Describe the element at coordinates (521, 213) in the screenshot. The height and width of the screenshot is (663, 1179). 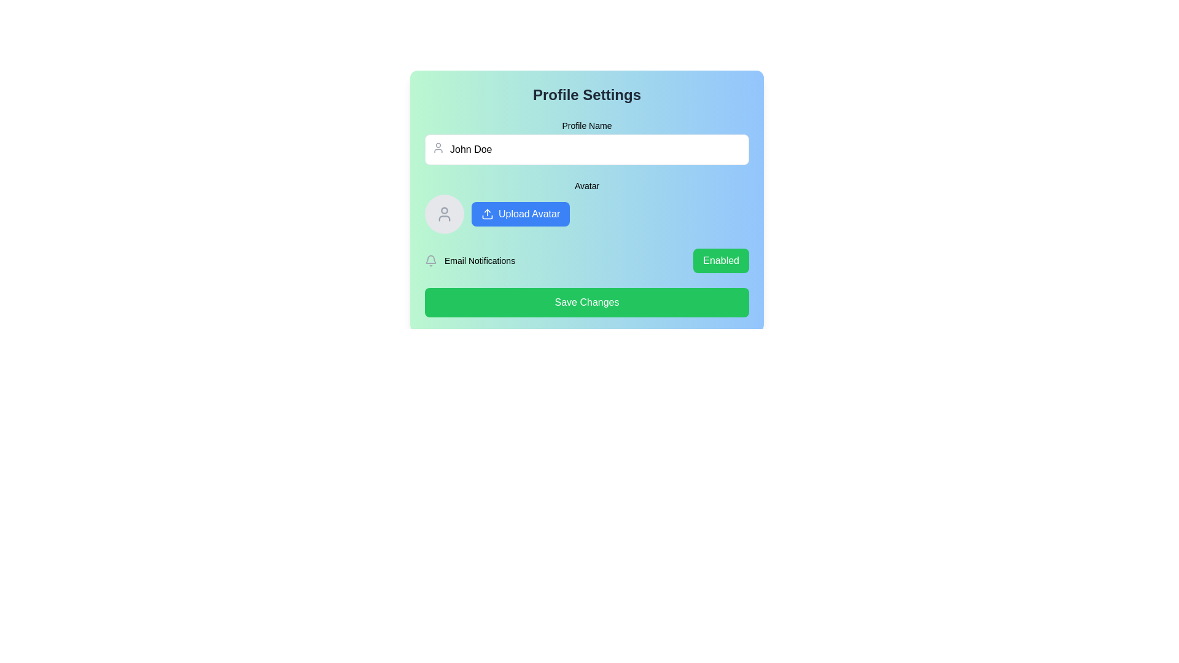
I see `the 'Upload Avatar' button, which is a rectangular blue button with white text and an upload icon, located below the 'Avatar' label in the 'Profile Settings' section` at that location.